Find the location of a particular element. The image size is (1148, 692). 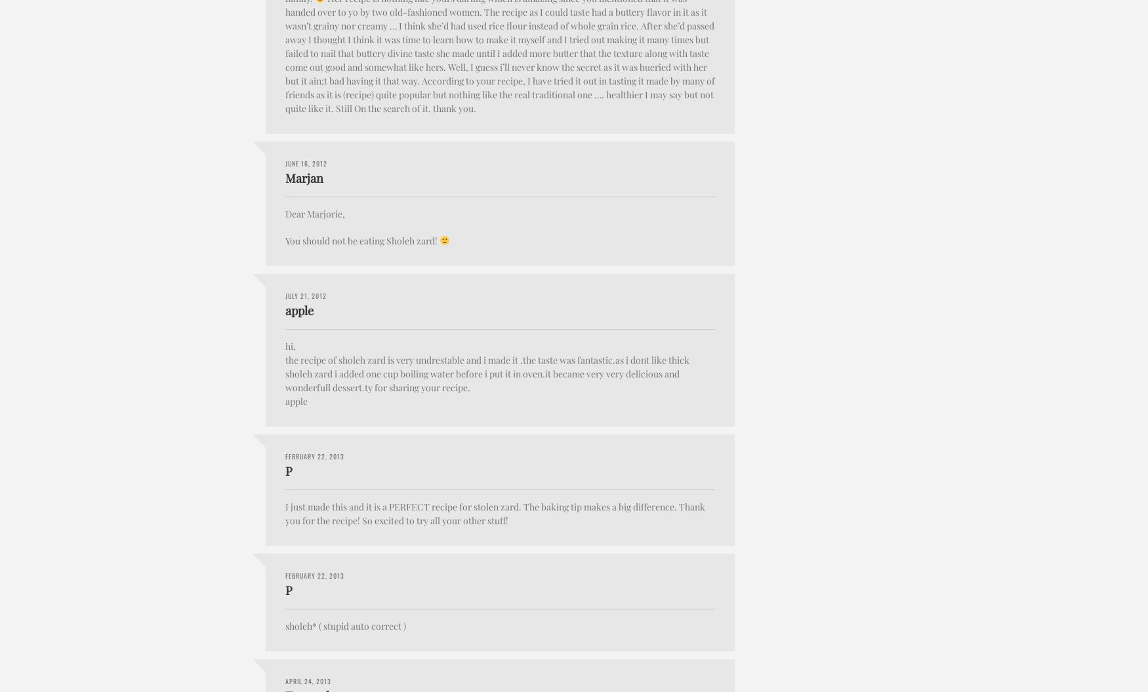

'July 21, 2012' is located at coordinates (306, 295).